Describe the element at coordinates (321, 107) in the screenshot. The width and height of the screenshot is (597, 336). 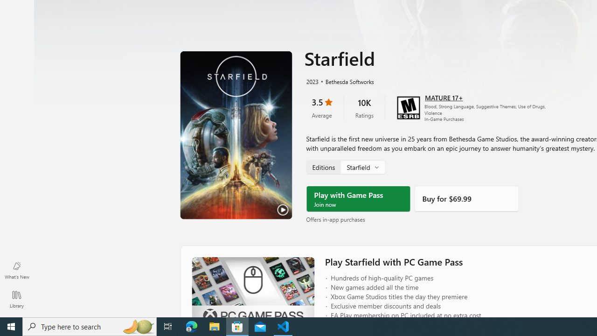
I see `'3.5 stars. Click to skip to ratings and reviews'` at that location.